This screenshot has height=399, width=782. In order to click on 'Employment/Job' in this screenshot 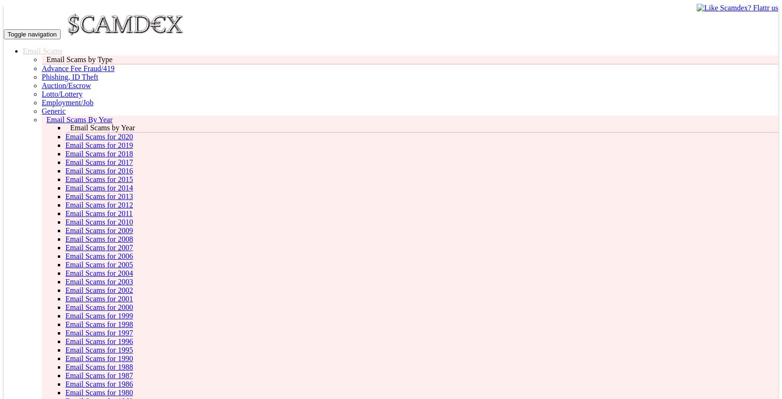, I will do `click(67, 102)`.